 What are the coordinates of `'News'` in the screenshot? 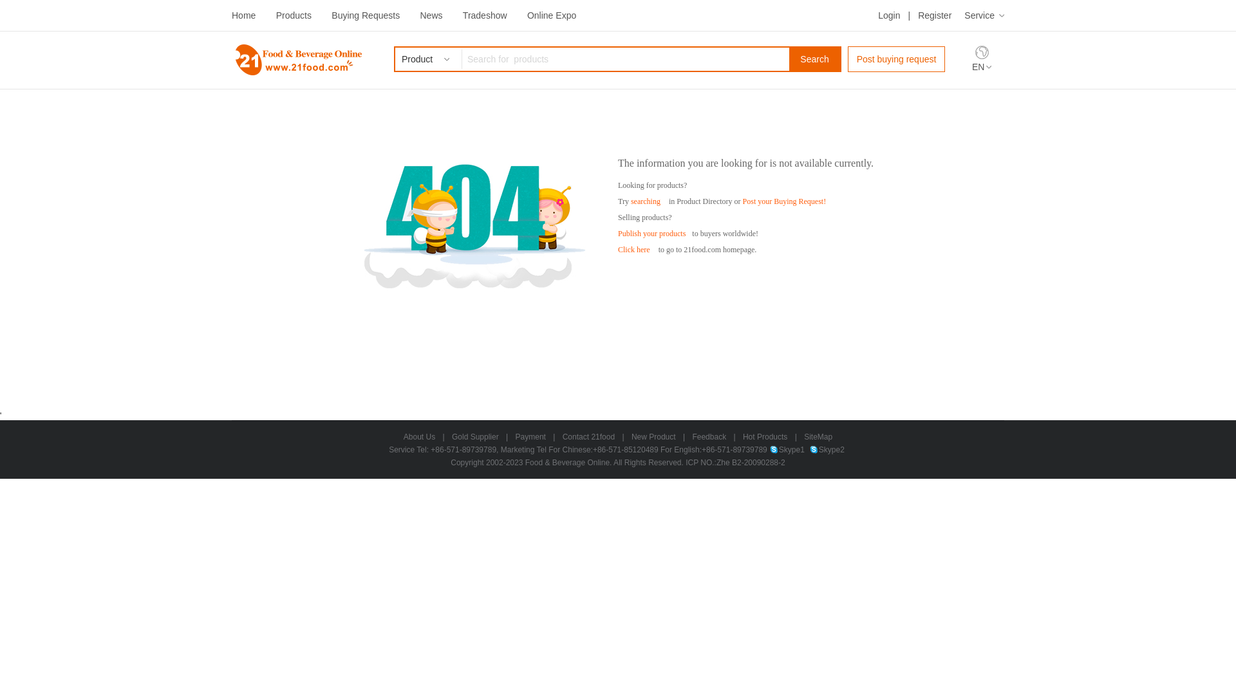 It's located at (420, 15).